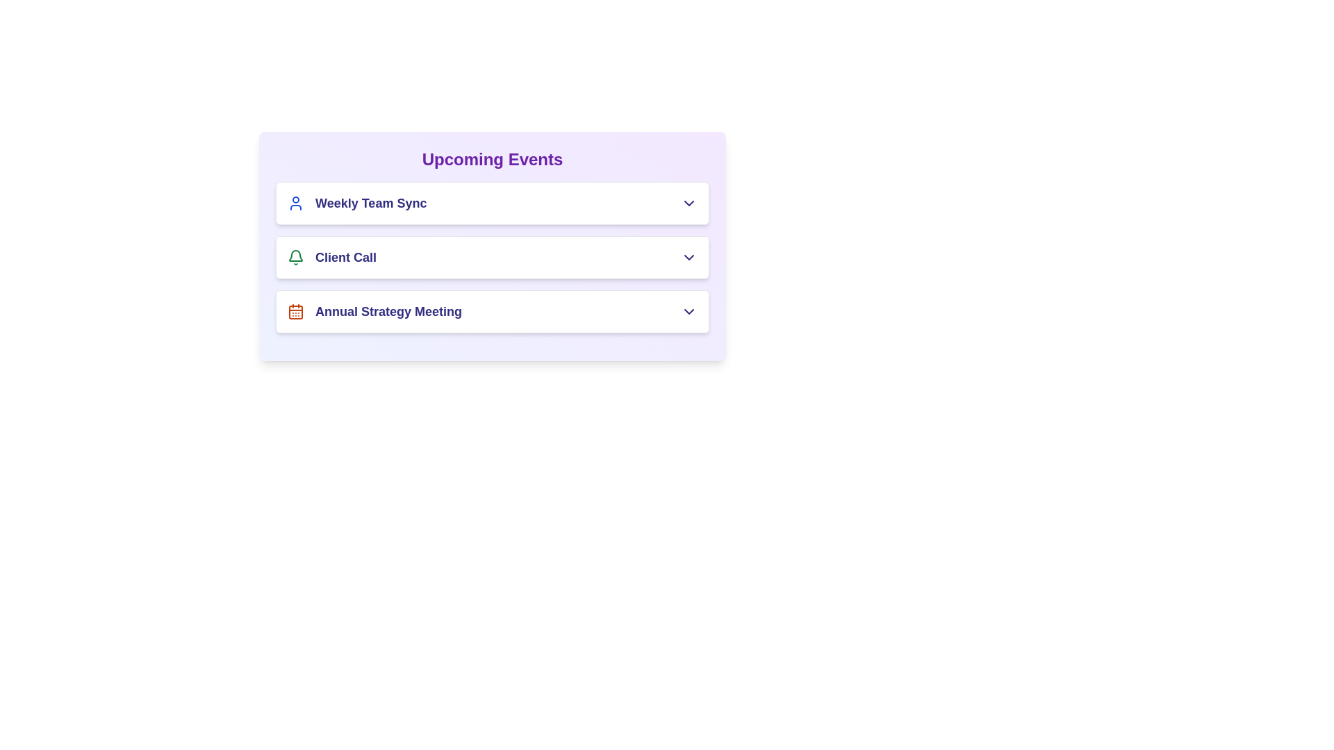  I want to click on the first list item titled 'Weekly Team Sync' under the 'Upcoming Events' header, so click(357, 203).